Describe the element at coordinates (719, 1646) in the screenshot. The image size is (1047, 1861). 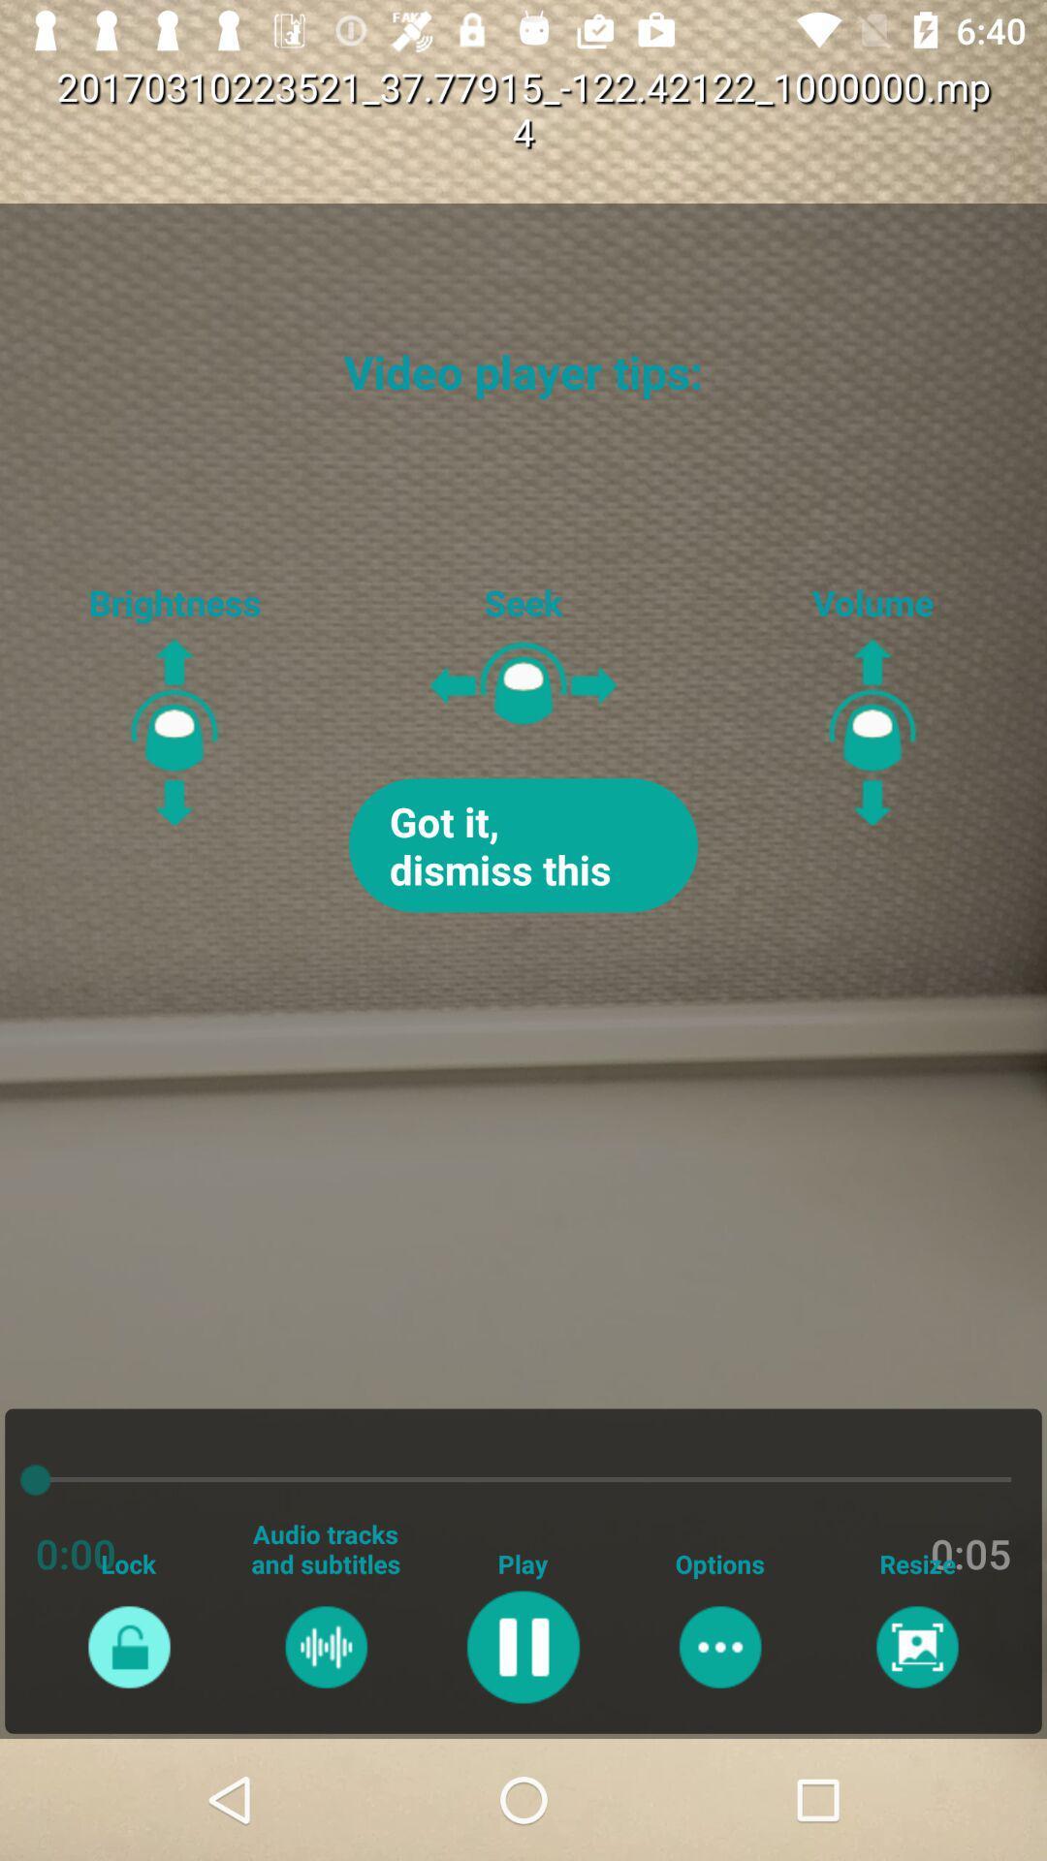
I see `options` at that location.